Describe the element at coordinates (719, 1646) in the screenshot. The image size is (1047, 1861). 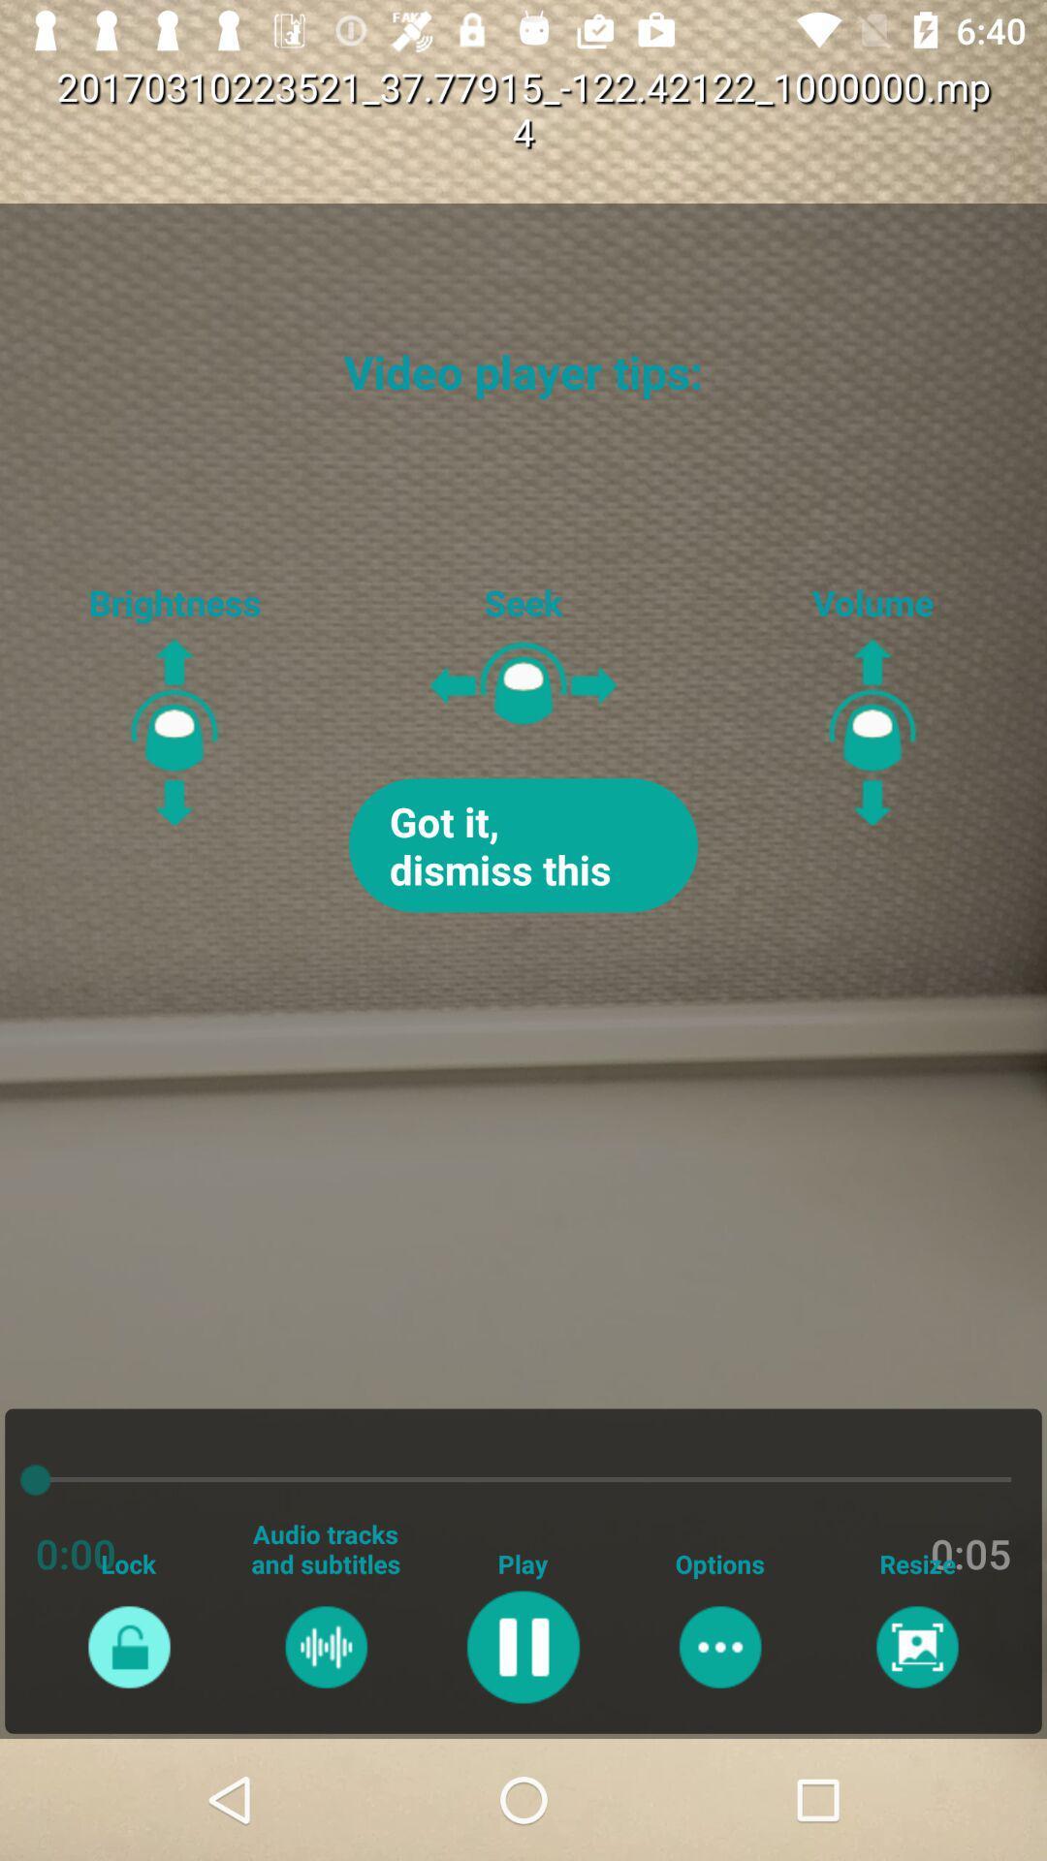
I see `options` at that location.